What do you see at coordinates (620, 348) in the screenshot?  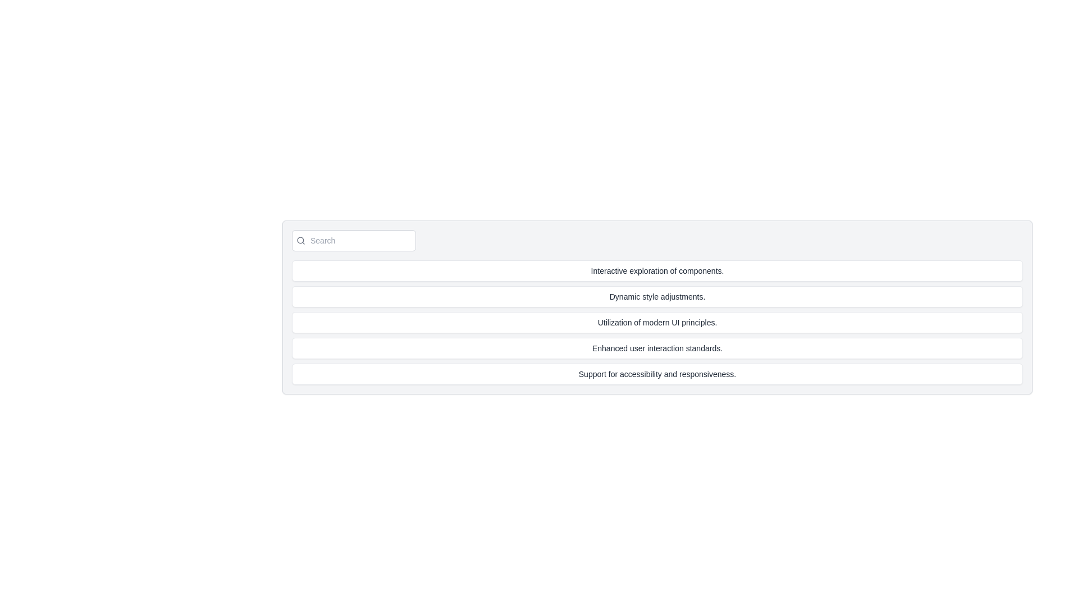 I see `the static text element representing the character 'e' in the word 'Enhanced', which is the second letter of the word in the phrase 'Enhanced user interaction standards.'` at bounding box center [620, 348].